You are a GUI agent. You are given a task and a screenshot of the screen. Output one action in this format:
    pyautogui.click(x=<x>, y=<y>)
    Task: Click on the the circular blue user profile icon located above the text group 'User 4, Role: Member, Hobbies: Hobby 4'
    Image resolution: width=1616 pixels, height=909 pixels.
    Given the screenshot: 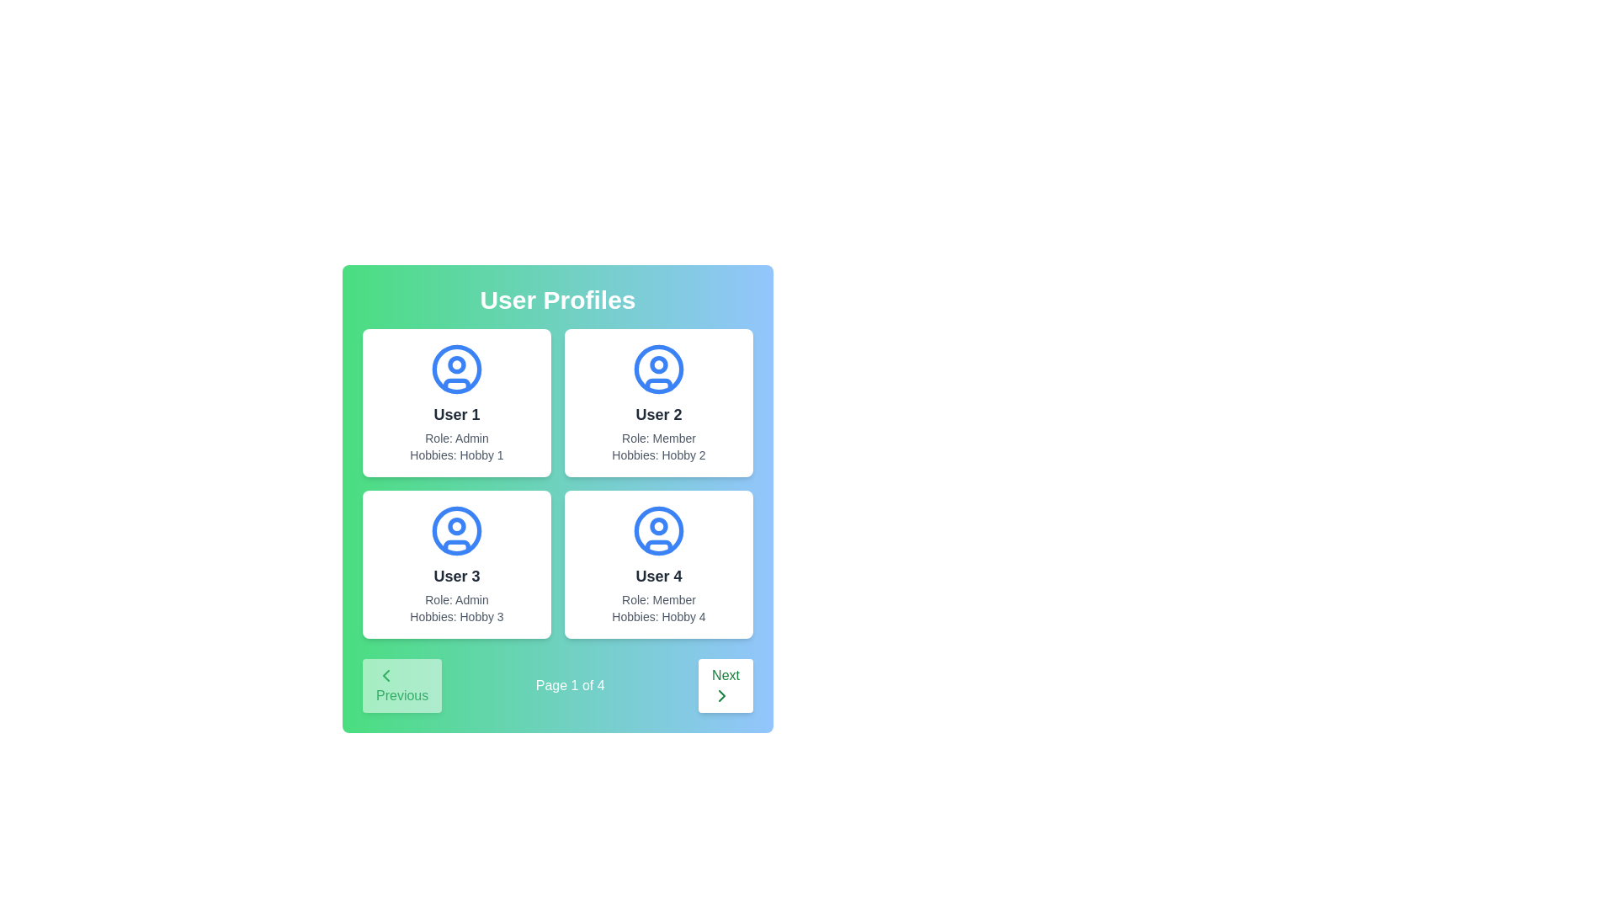 What is the action you would take?
    pyautogui.click(x=657, y=531)
    